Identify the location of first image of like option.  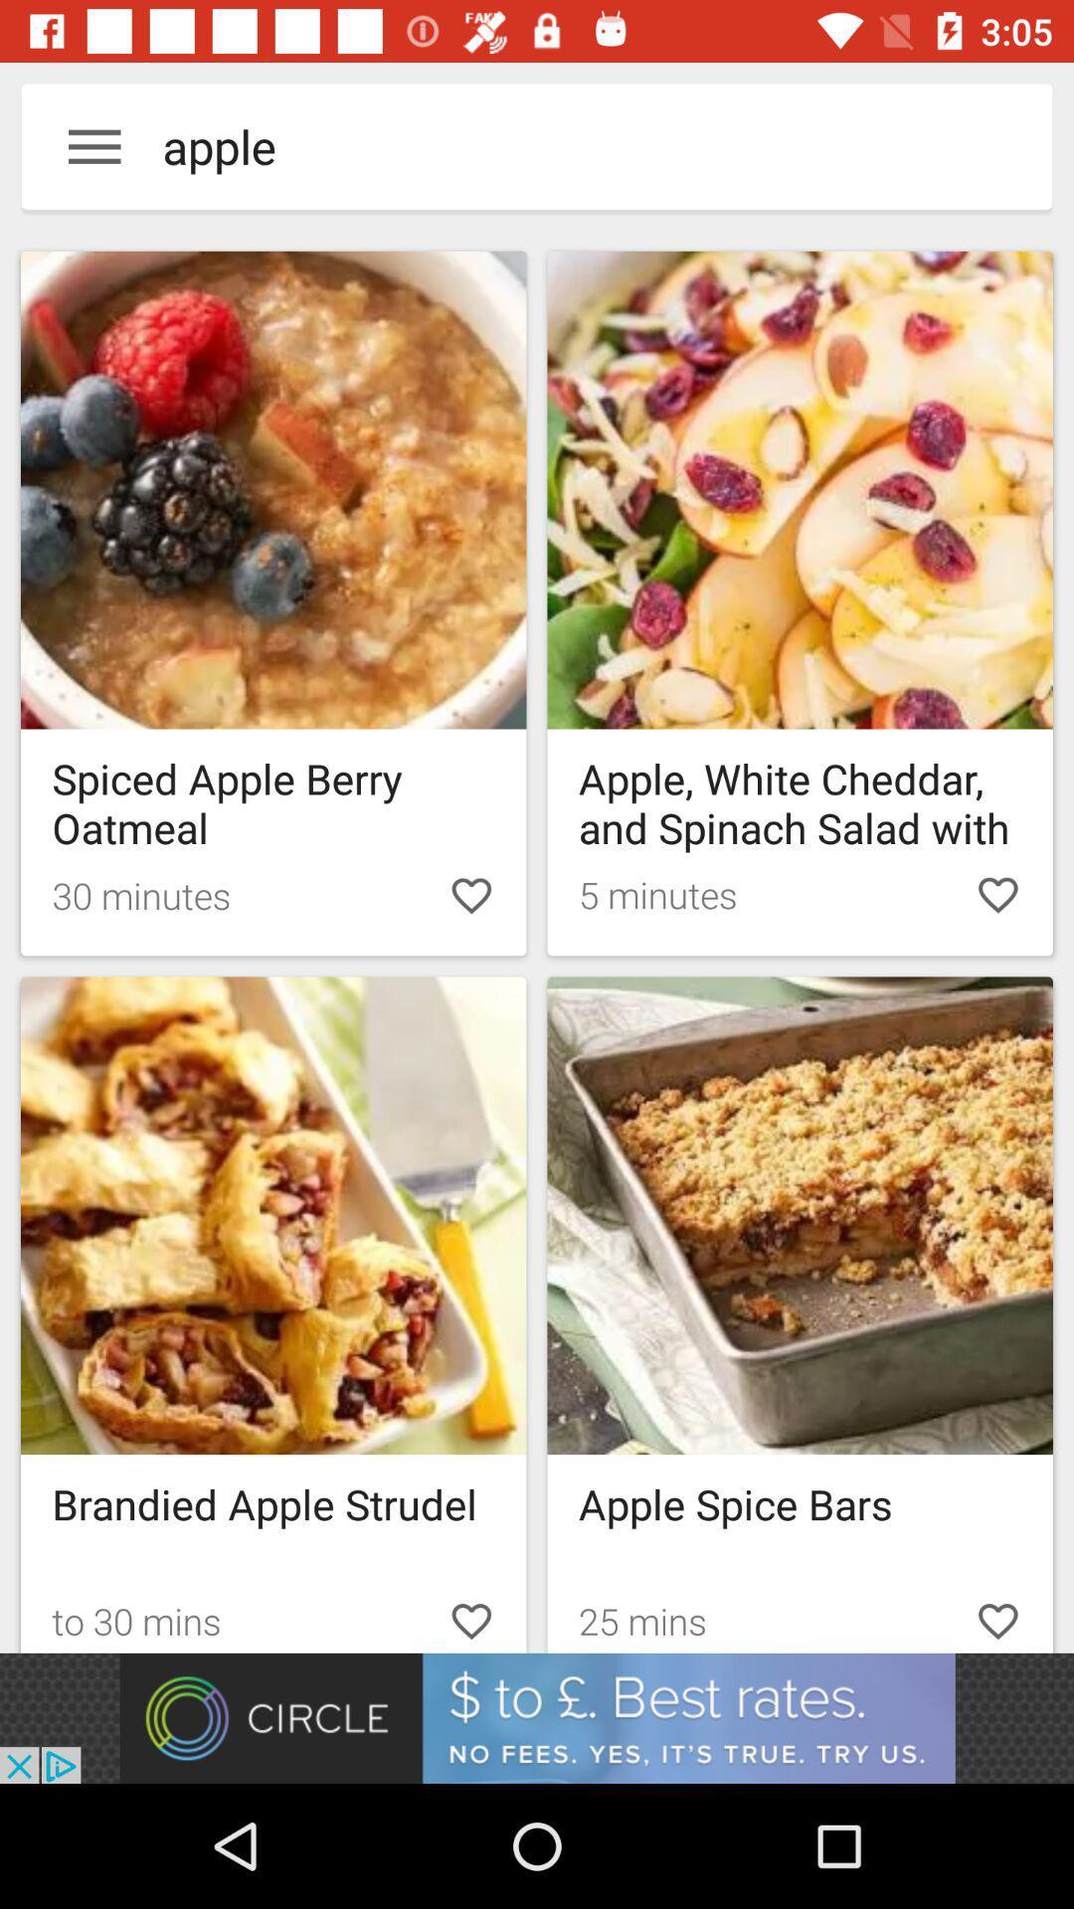
(471, 895).